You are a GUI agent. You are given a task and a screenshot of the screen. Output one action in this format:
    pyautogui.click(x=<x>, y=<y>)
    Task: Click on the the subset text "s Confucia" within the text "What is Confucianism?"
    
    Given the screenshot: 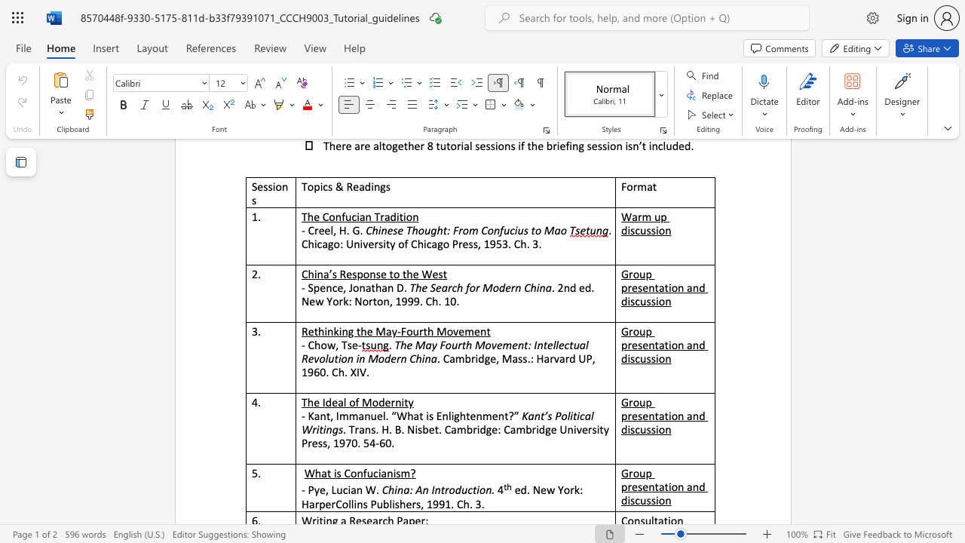 What is the action you would take?
    pyautogui.click(x=335, y=472)
    